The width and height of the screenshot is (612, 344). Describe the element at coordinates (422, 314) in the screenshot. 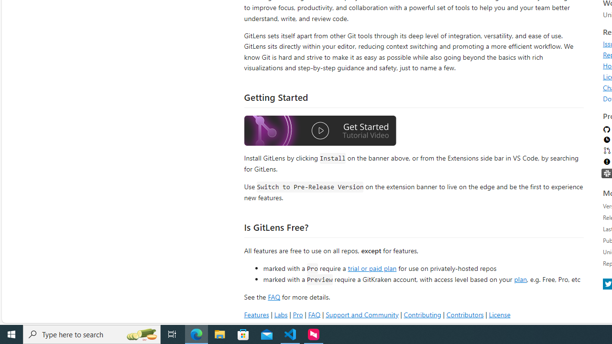

I see `'Contributing'` at that location.